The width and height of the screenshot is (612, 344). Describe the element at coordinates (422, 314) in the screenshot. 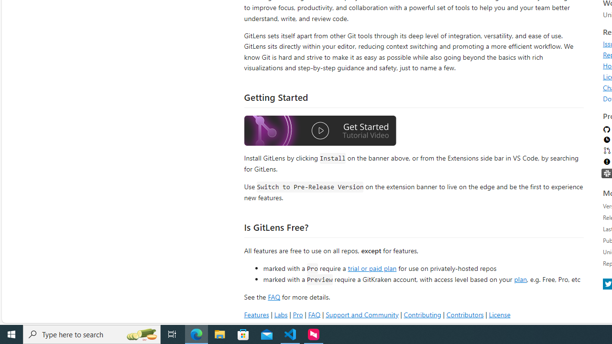

I see `'Contributing'` at that location.